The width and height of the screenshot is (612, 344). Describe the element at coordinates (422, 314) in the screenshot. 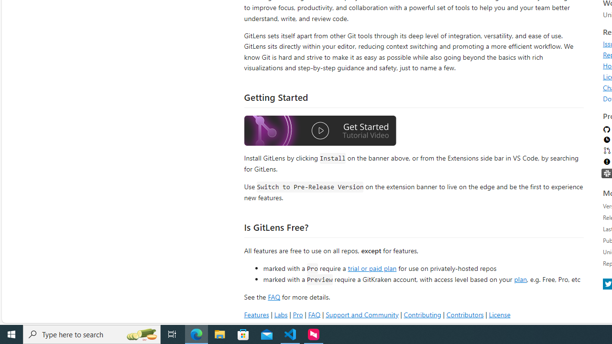

I see `'Contributing'` at that location.